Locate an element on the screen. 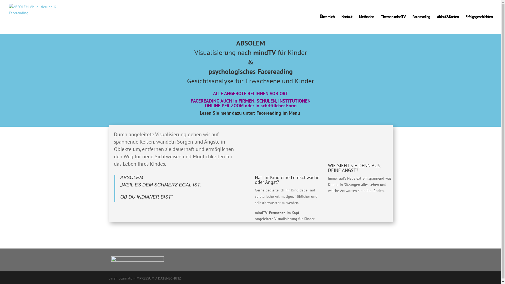  'IMPRESSUM / DATENSCHUTZ' is located at coordinates (158, 278).